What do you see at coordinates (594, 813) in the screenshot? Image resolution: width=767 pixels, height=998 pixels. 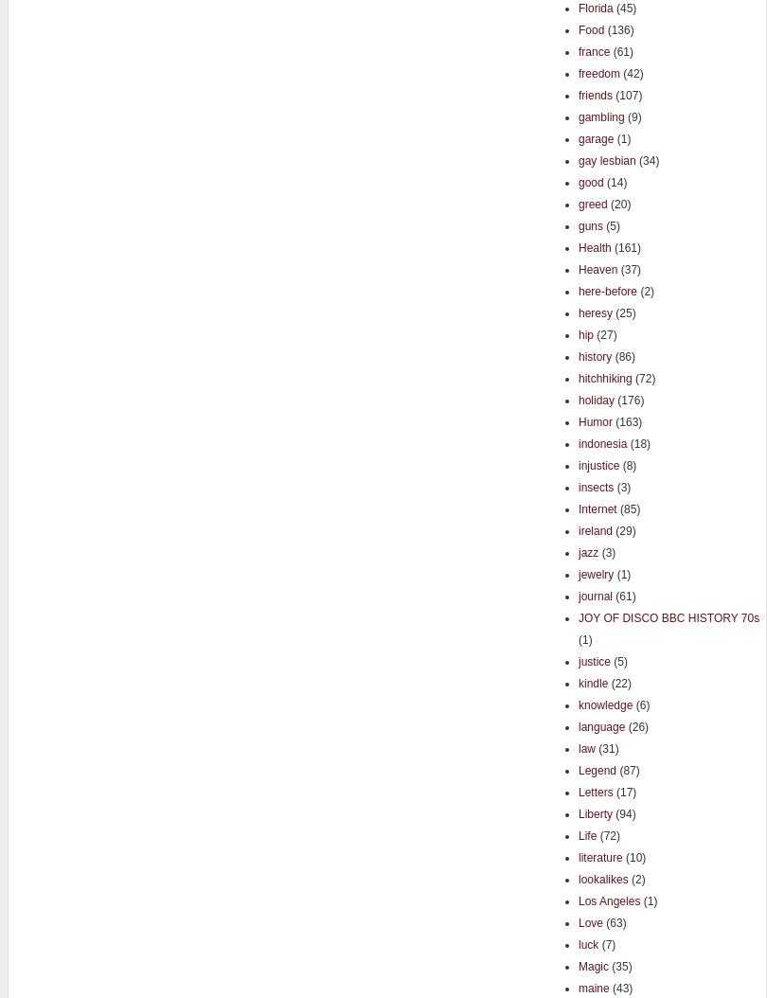 I see `'Liberty'` at bounding box center [594, 813].